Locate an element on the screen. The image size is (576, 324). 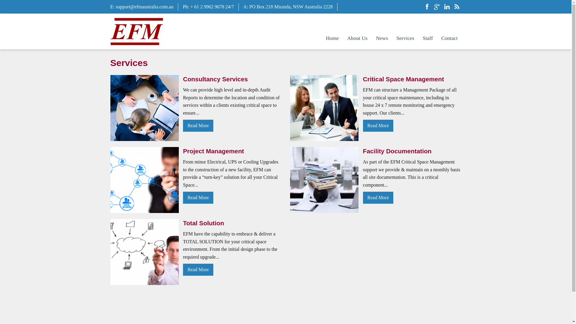
'Consultancy Services' is located at coordinates (232, 79).